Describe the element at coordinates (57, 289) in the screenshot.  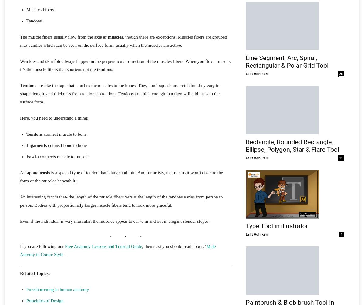
I see `'Foreshortening in human anatomy'` at that location.